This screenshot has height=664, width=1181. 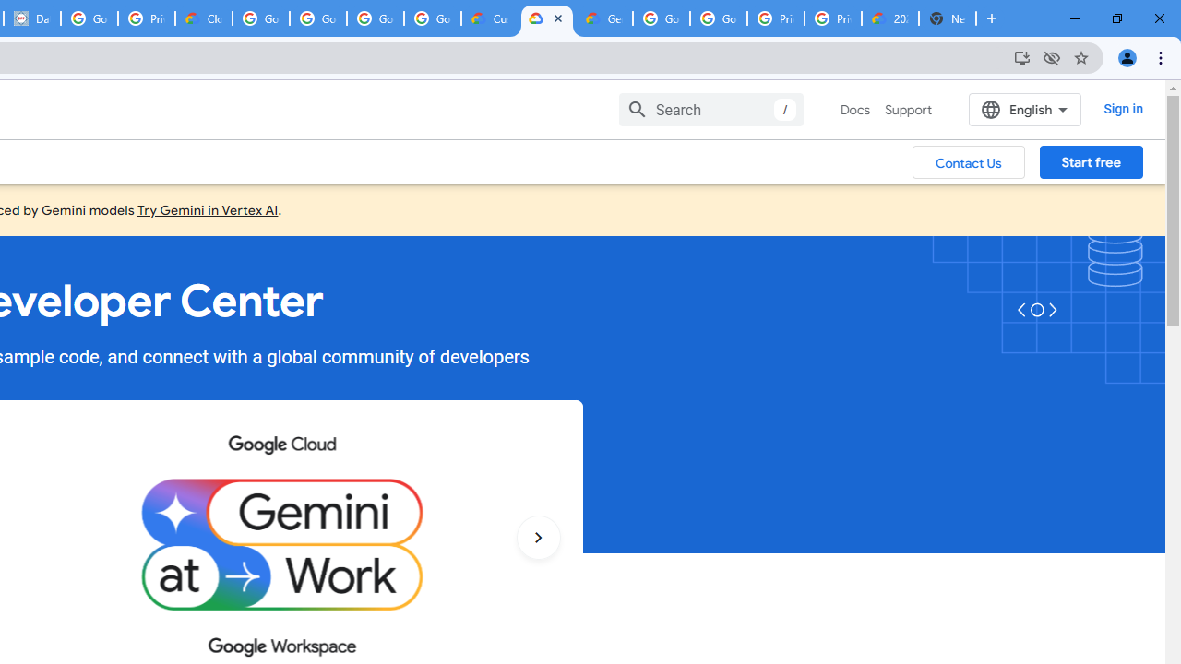 What do you see at coordinates (208, 208) in the screenshot?
I see `'Try Gemini in Vertex AI'` at bounding box center [208, 208].